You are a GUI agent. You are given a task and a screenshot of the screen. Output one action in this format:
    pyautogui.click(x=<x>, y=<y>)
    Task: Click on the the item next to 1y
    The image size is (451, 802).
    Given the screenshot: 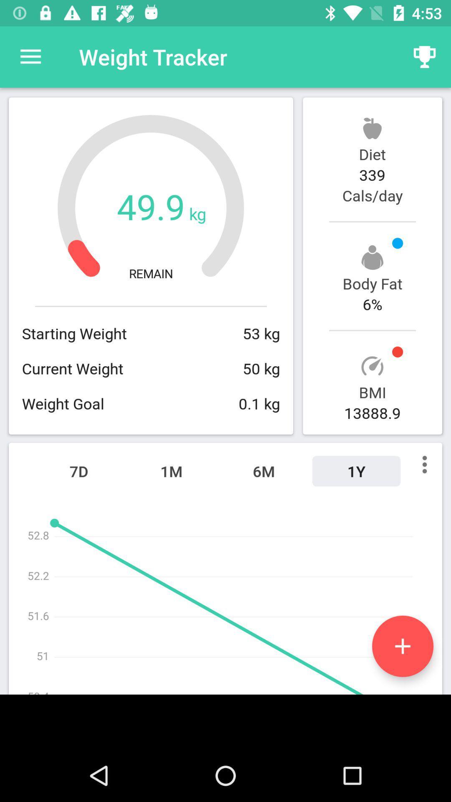 What is the action you would take?
    pyautogui.click(x=264, y=471)
    